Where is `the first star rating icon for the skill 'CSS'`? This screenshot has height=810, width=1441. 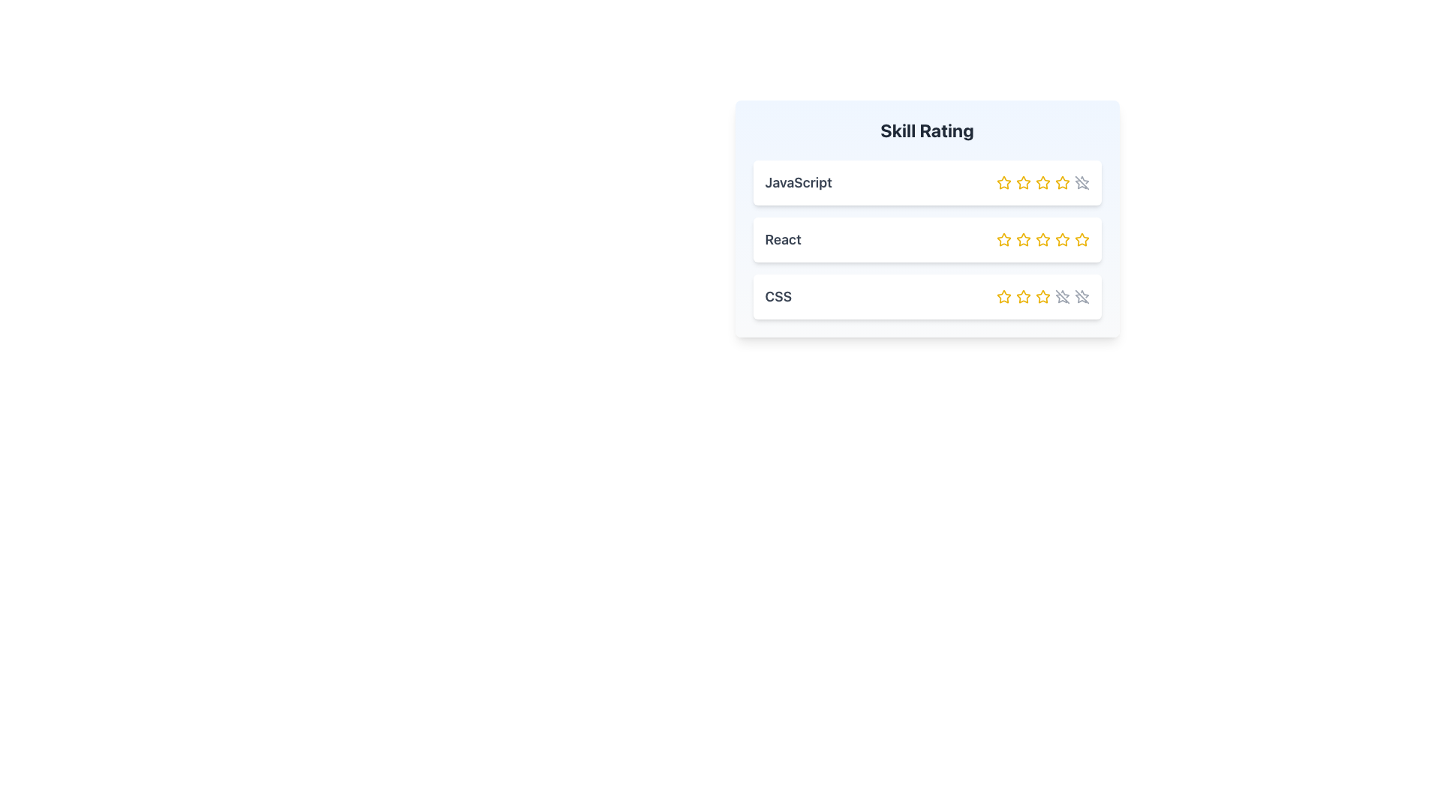 the first star rating icon for the skill 'CSS' is located at coordinates (1003, 297).